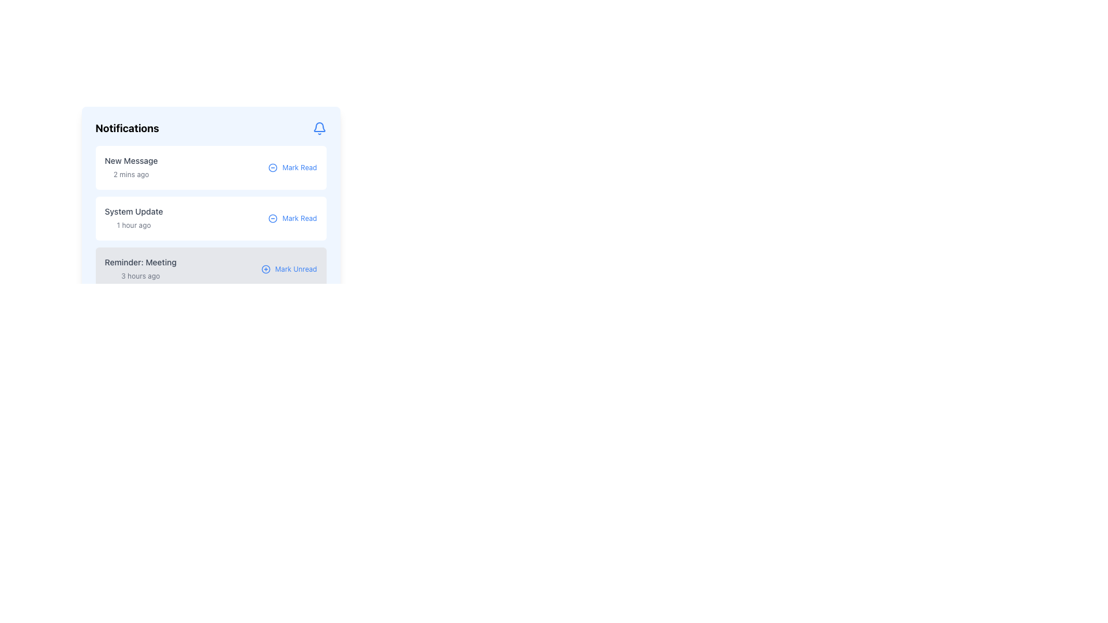  I want to click on the notification indicator icon located to the right of the 'Notifications' header text within the notification panel layout, so click(319, 129).